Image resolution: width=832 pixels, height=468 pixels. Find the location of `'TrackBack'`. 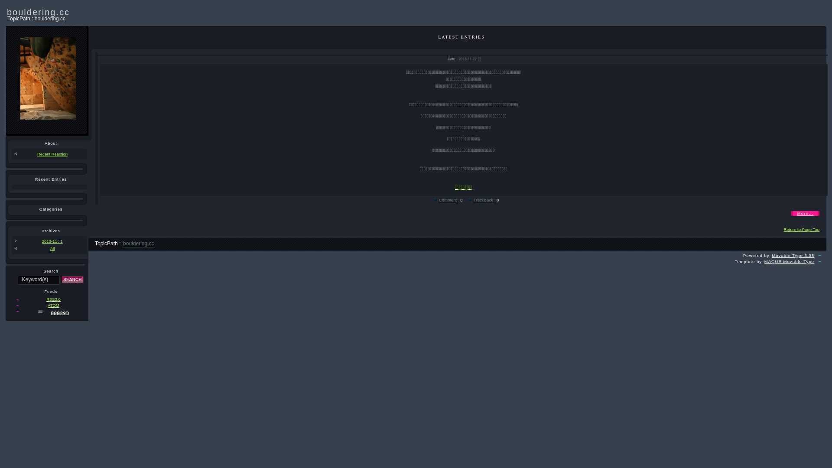

'TrackBack' is located at coordinates (483, 200).